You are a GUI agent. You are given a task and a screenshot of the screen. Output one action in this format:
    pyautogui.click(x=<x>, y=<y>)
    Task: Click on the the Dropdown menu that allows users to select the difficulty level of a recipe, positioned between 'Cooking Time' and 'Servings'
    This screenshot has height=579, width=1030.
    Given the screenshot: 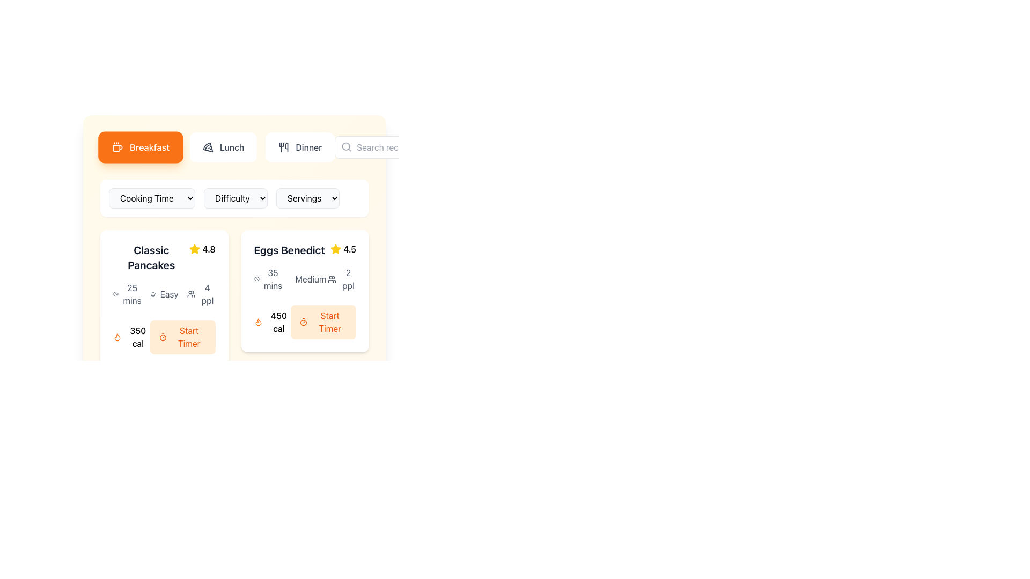 What is the action you would take?
    pyautogui.click(x=235, y=198)
    